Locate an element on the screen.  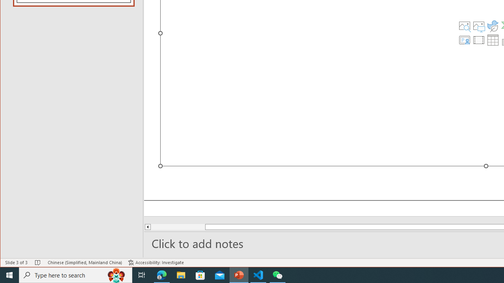
'Accessibility Checker Accessibility: Investigate' is located at coordinates (156, 263).